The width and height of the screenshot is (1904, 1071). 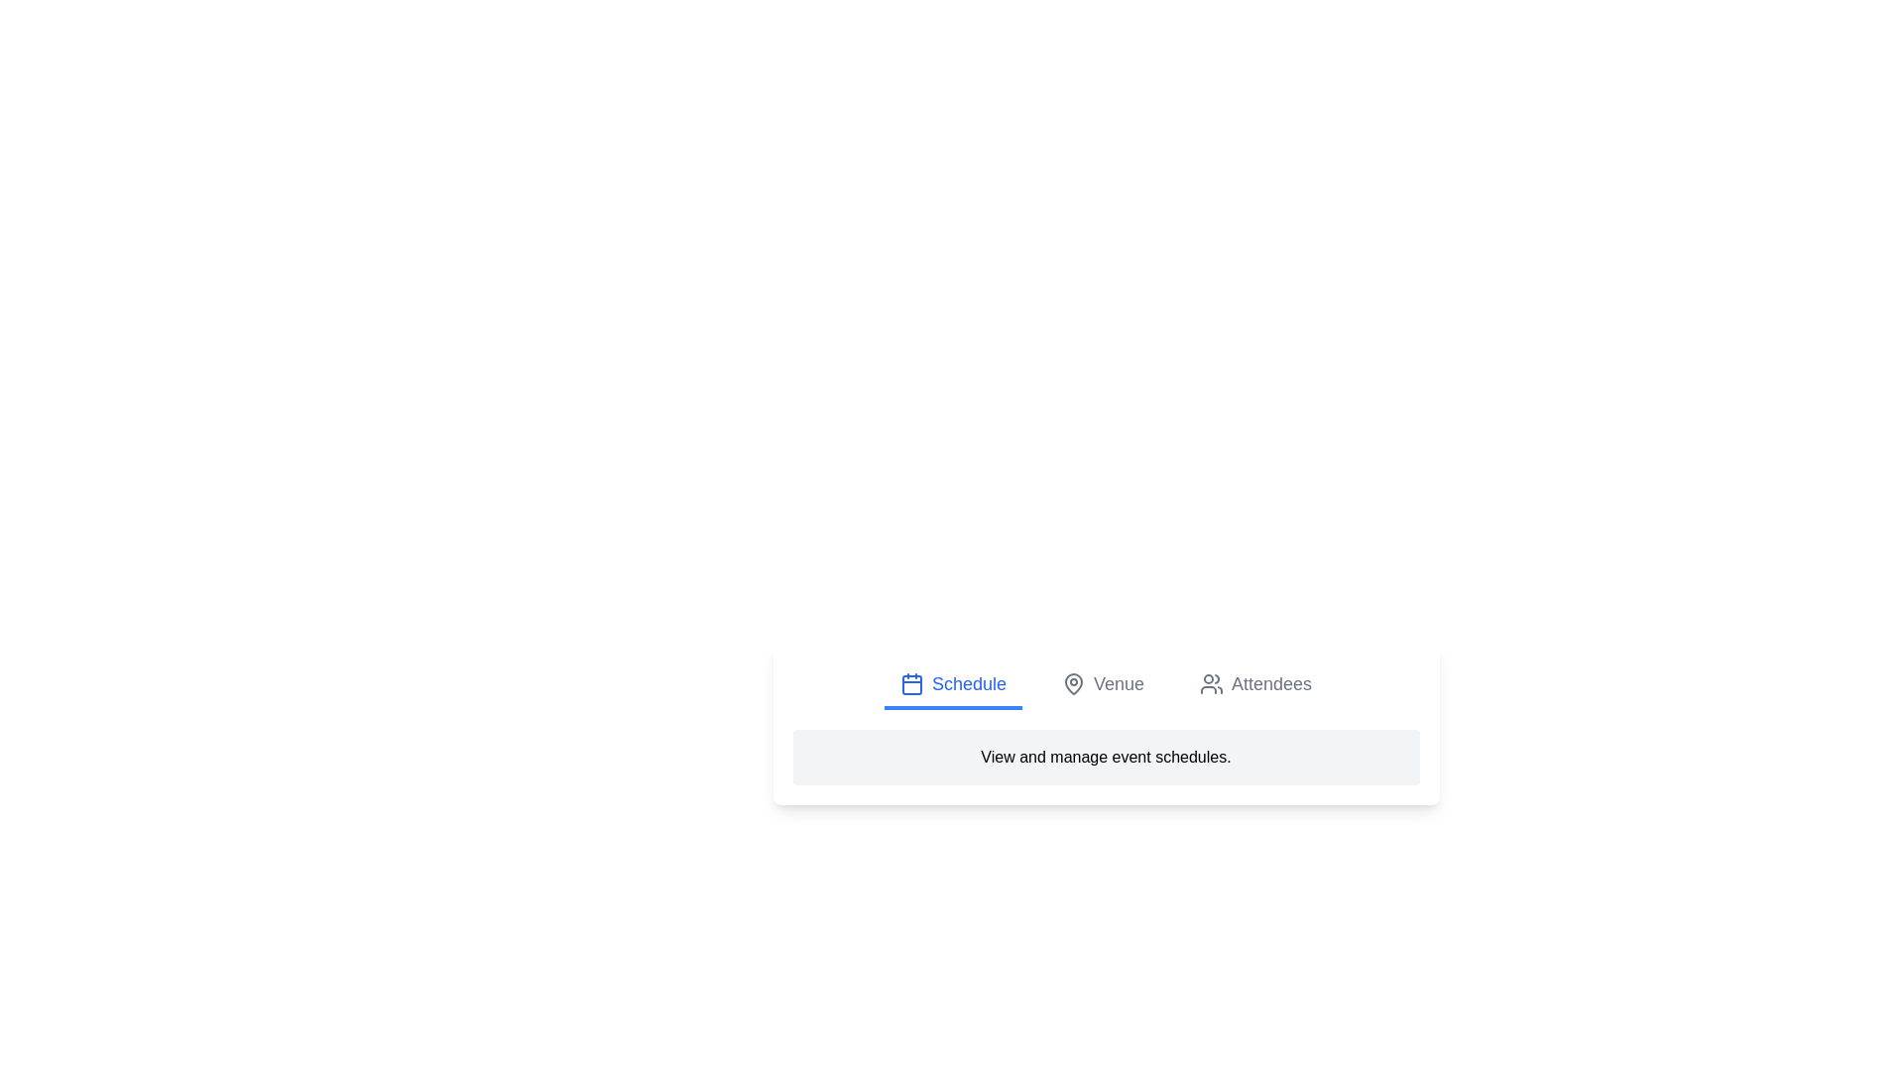 What do you see at coordinates (1211, 683) in the screenshot?
I see `the Attendees tab by clicking on its icon` at bounding box center [1211, 683].